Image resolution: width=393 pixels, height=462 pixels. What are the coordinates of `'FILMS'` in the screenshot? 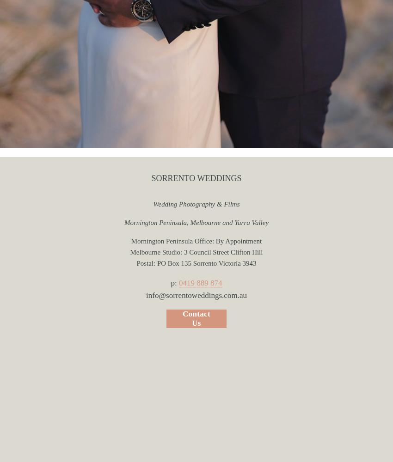 It's located at (196, 30).